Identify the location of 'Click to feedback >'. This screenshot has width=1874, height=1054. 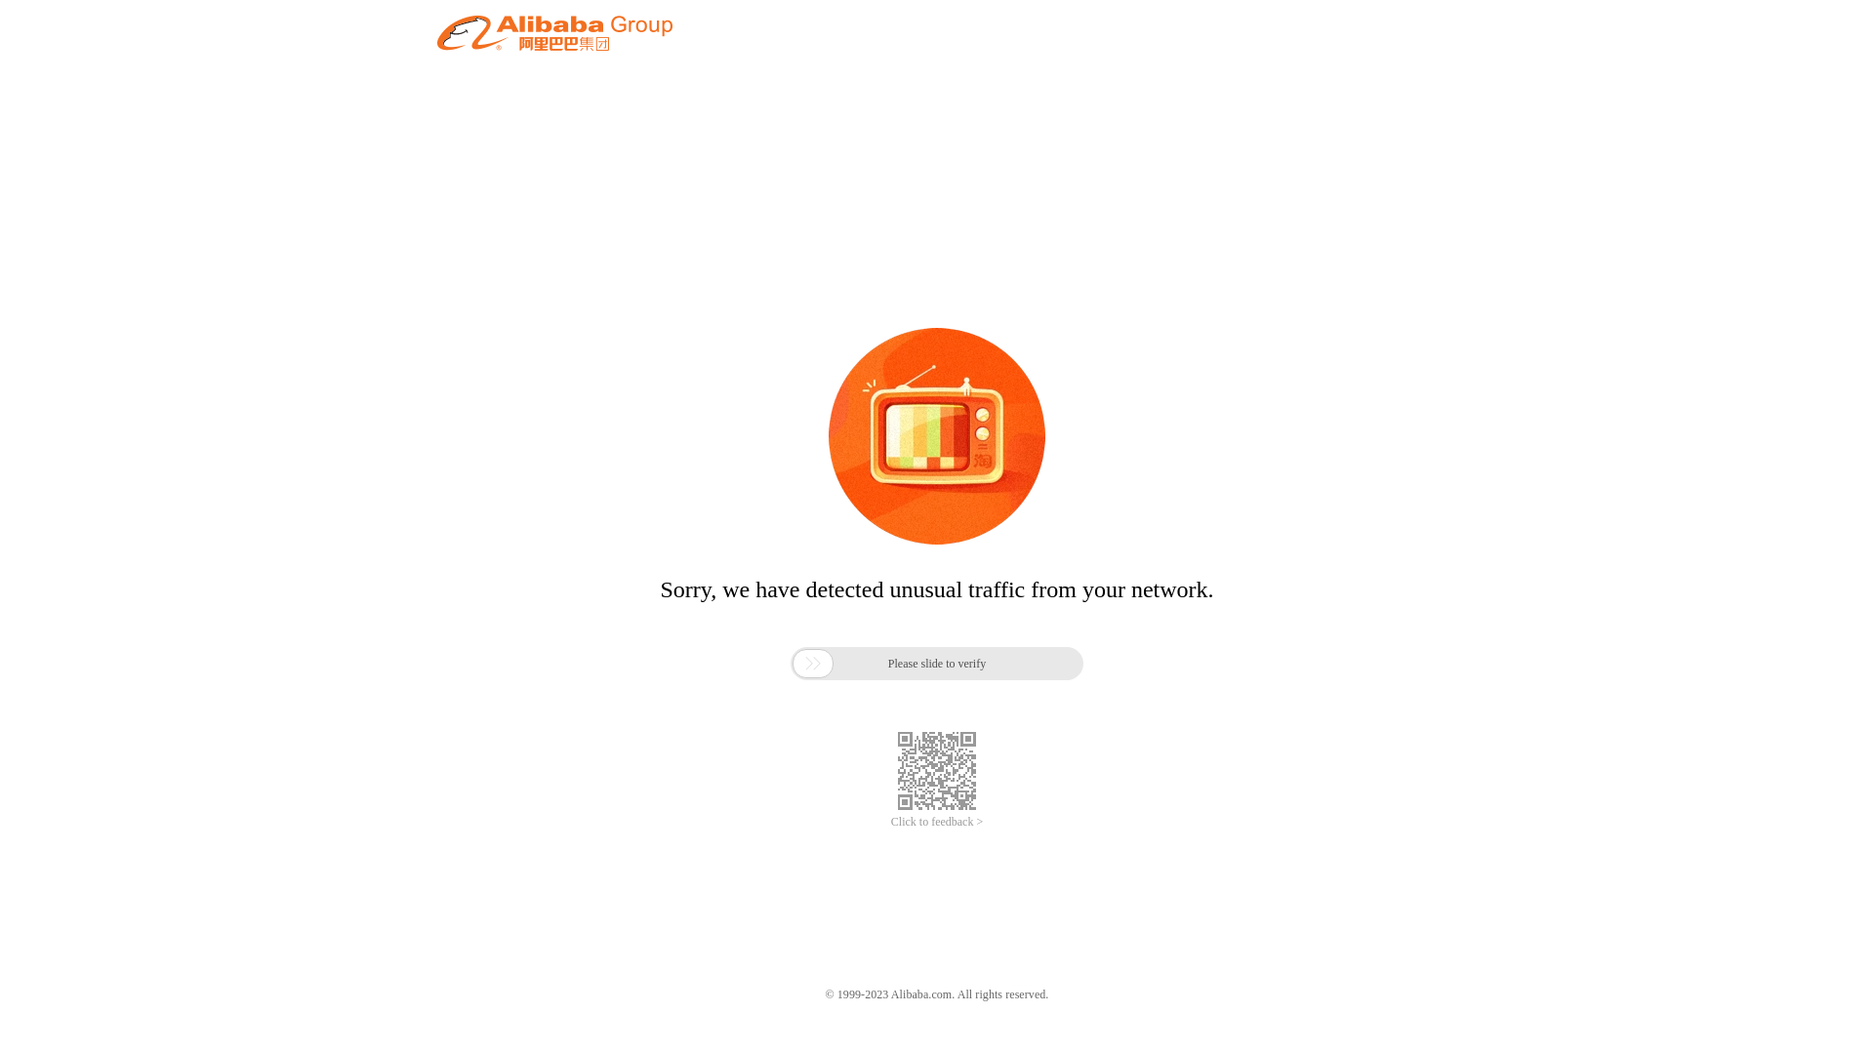
(889, 822).